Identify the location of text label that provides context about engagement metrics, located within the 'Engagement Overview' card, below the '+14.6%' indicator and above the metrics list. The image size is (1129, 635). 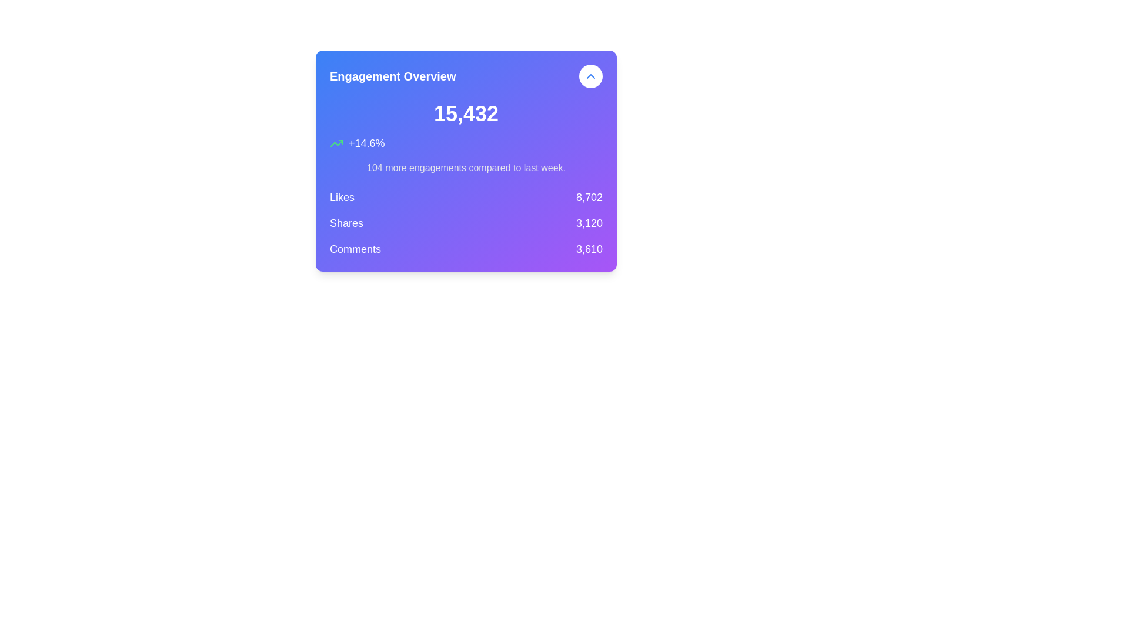
(465, 168).